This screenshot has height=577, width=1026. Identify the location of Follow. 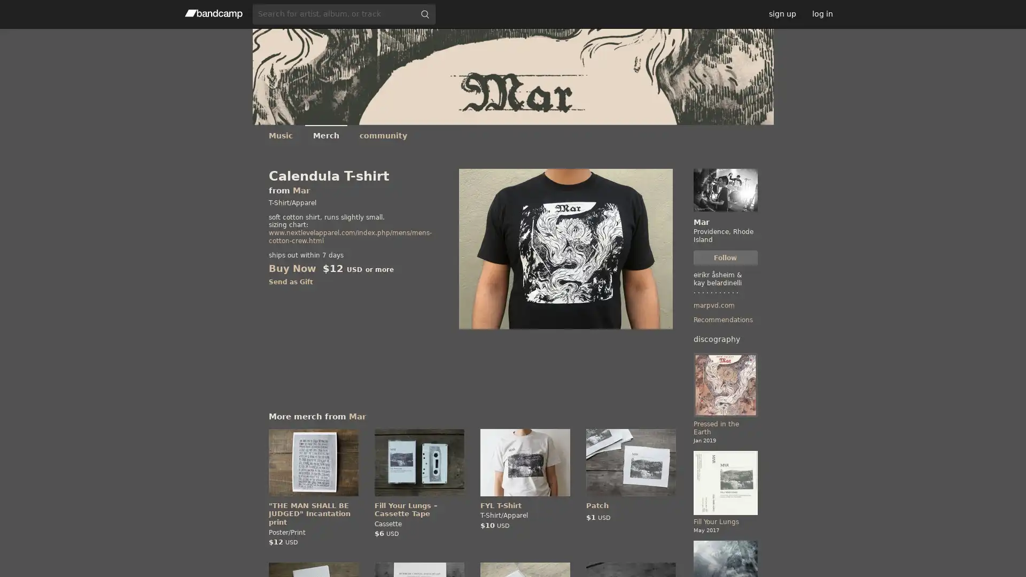
(725, 258).